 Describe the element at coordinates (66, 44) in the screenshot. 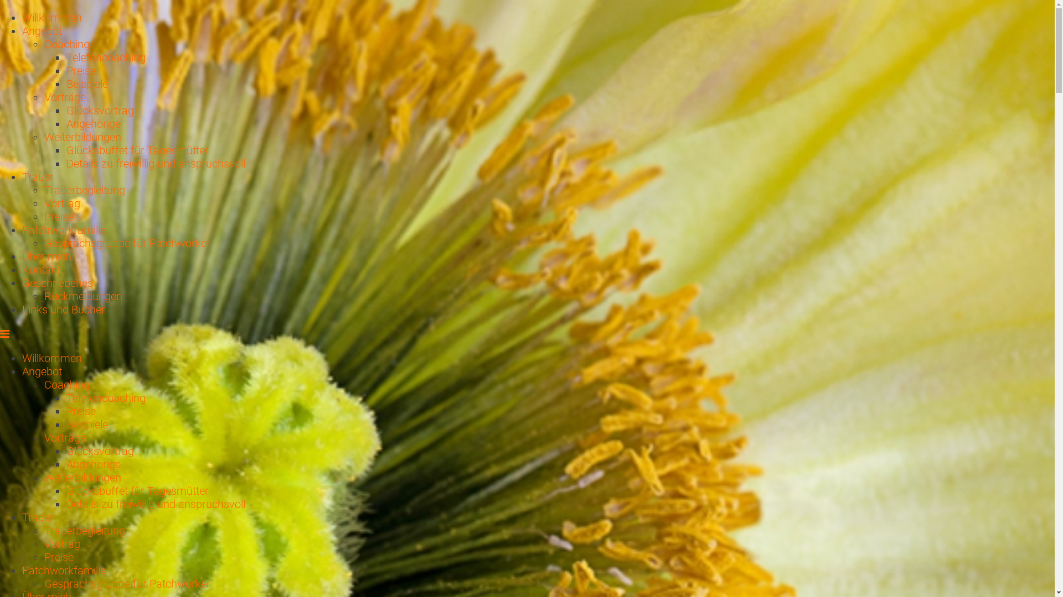

I see `'Coaching'` at that location.